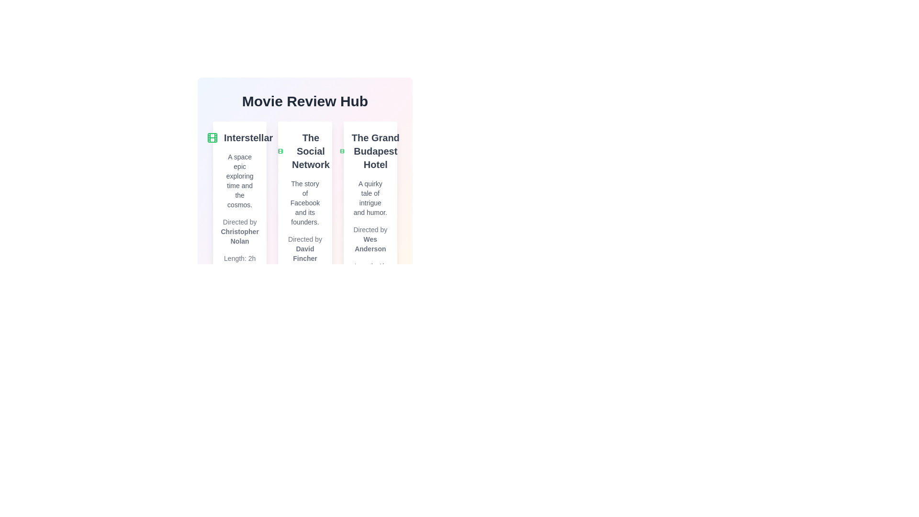 The image size is (919, 517). I want to click on the movie title to view its metadata, so click(239, 144).